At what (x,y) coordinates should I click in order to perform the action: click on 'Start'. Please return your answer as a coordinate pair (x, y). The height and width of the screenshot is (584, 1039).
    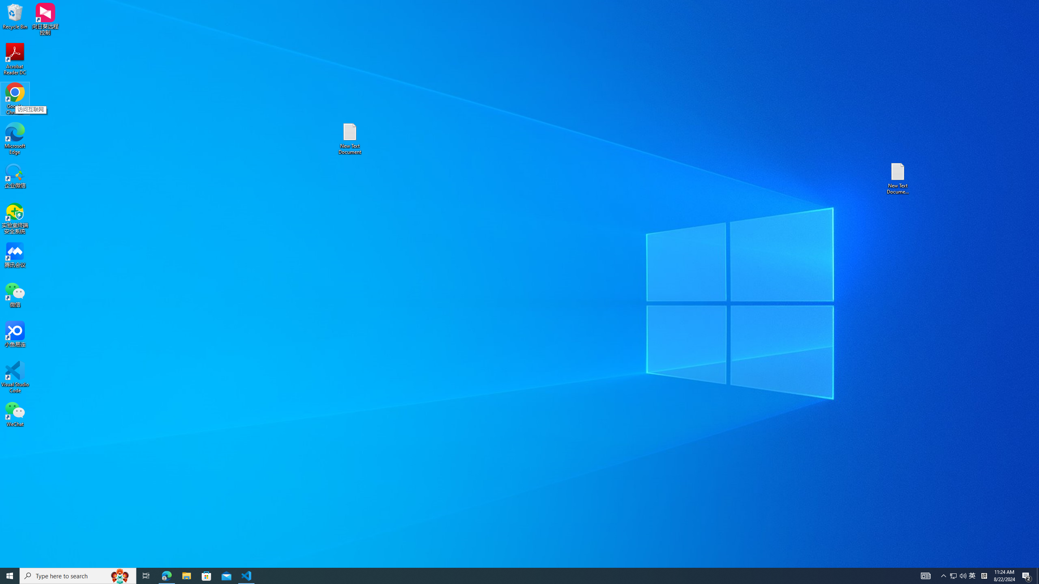
    Looking at the image, I should click on (10, 575).